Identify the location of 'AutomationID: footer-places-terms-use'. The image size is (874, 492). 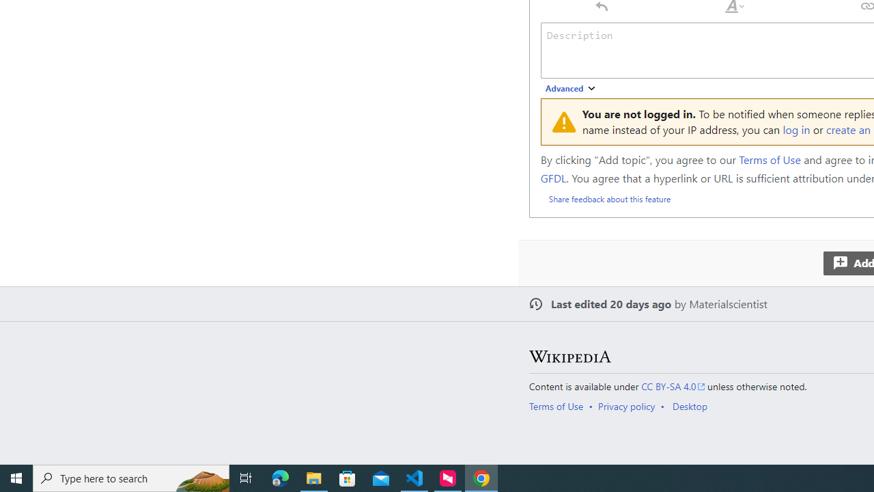
(561, 405).